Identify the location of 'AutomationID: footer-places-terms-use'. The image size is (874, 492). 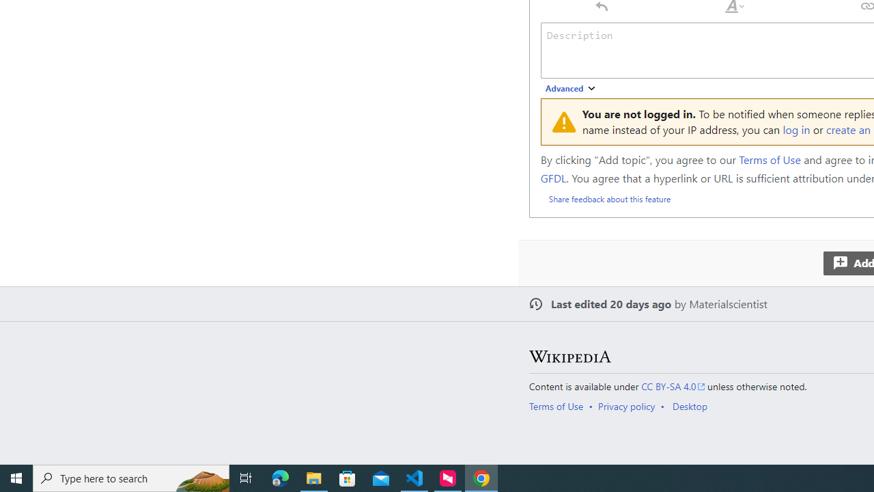
(561, 405).